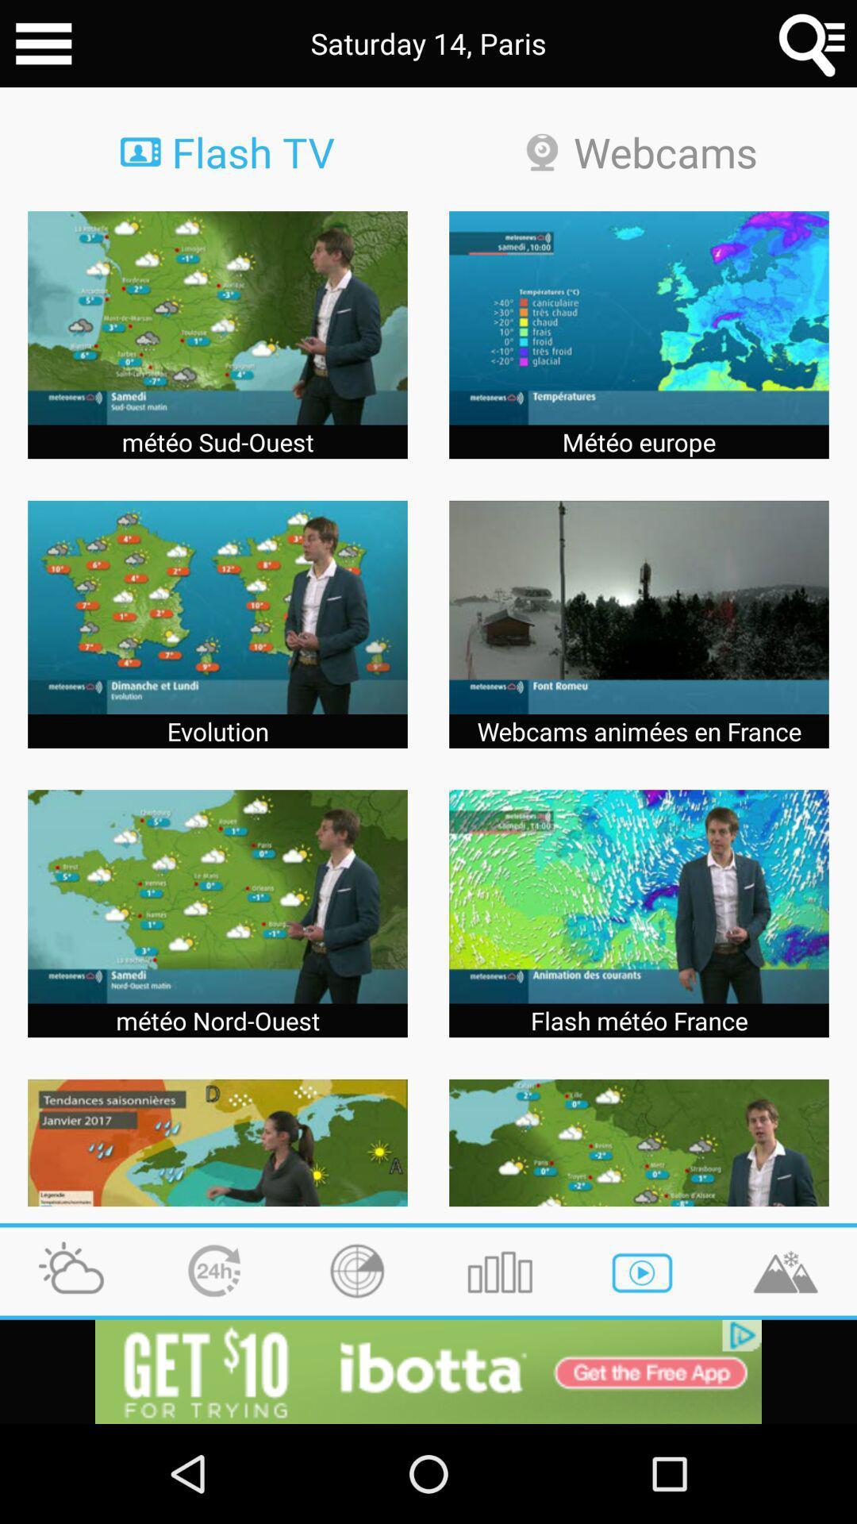  What do you see at coordinates (43, 44) in the screenshot?
I see `menu button` at bounding box center [43, 44].